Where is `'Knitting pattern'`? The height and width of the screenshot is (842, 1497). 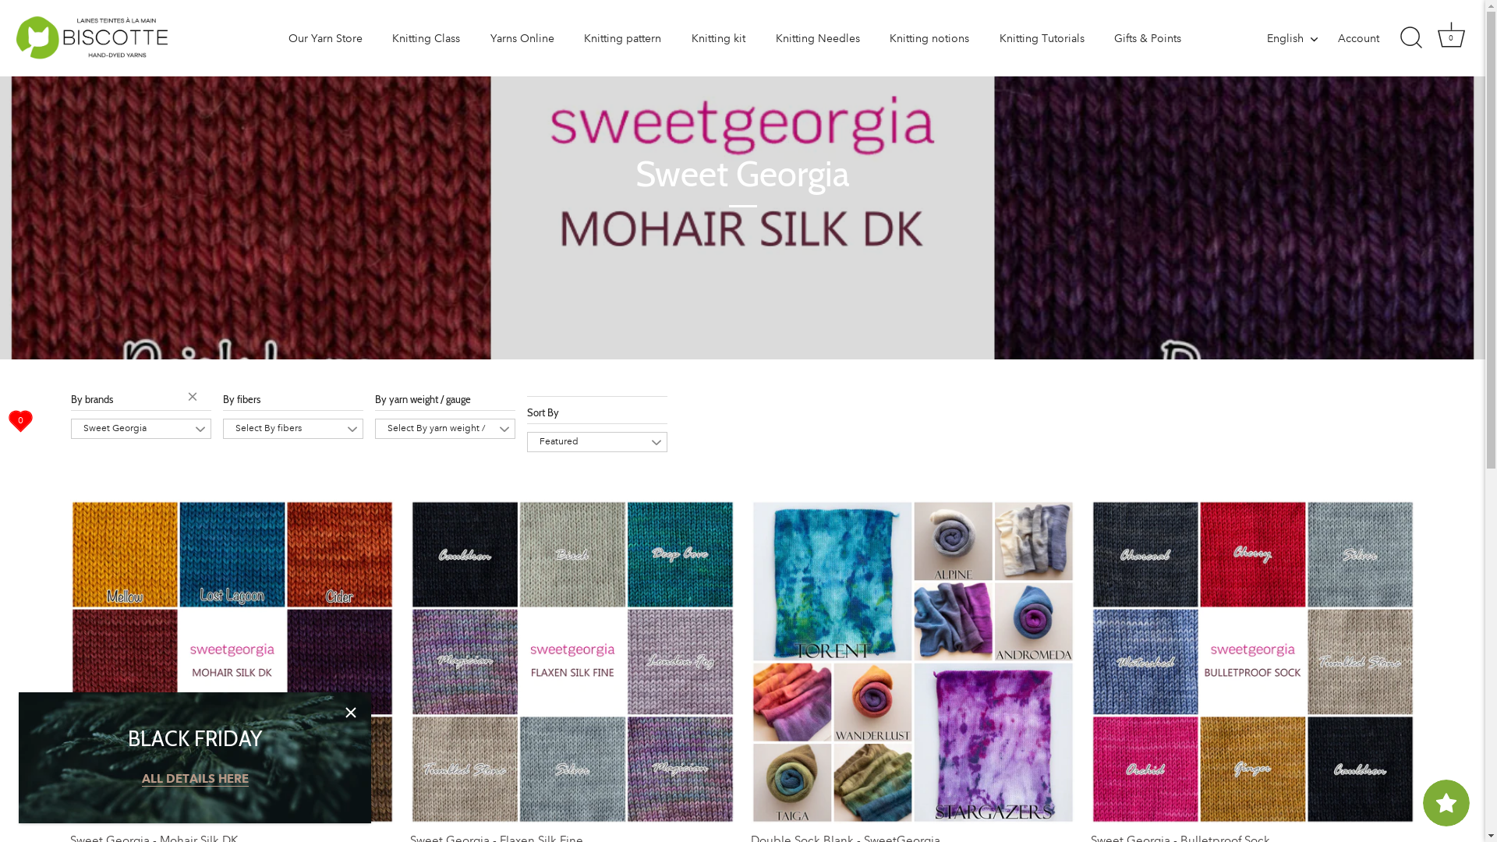
'Knitting pattern' is located at coordinates (569, 37).